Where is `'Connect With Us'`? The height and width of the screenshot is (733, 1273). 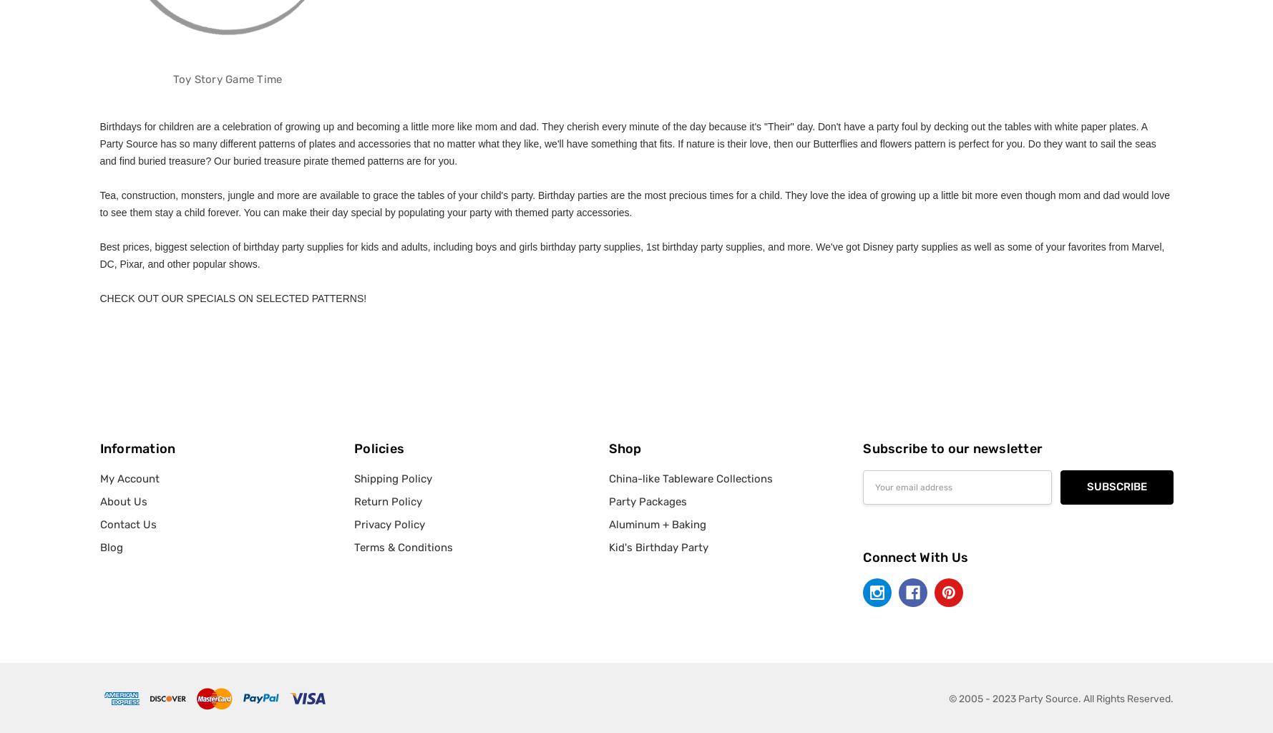
'Connect With Us' is located at coordinates (915, 557).